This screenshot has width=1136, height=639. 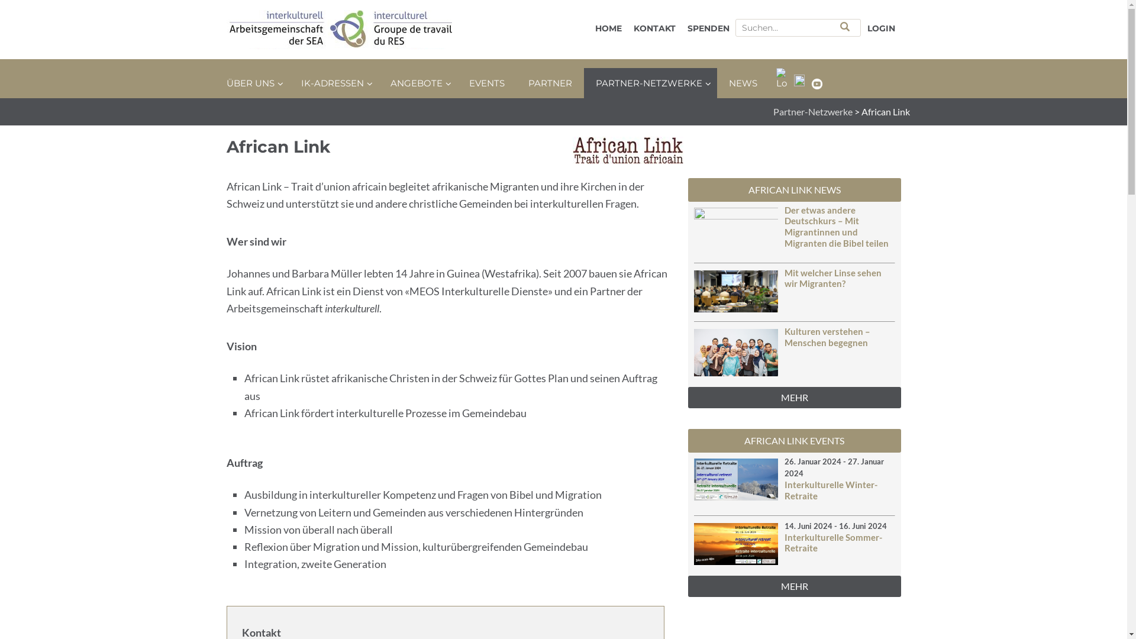 I want to click on 'IK-ADRESSEN', so click(x=333, y=82).